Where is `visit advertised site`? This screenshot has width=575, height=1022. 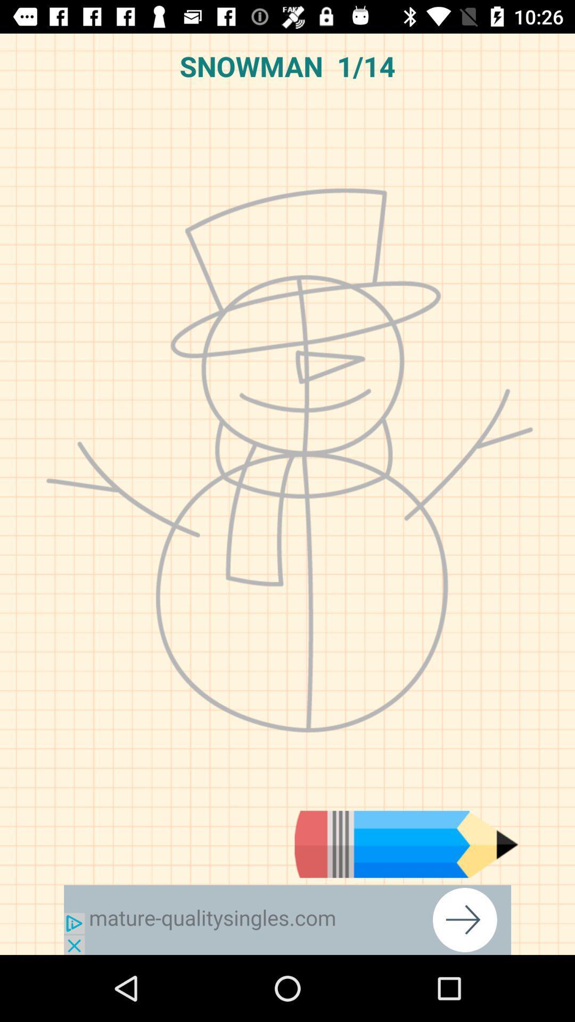
visit advertised site is located at coordinates (287, 919).